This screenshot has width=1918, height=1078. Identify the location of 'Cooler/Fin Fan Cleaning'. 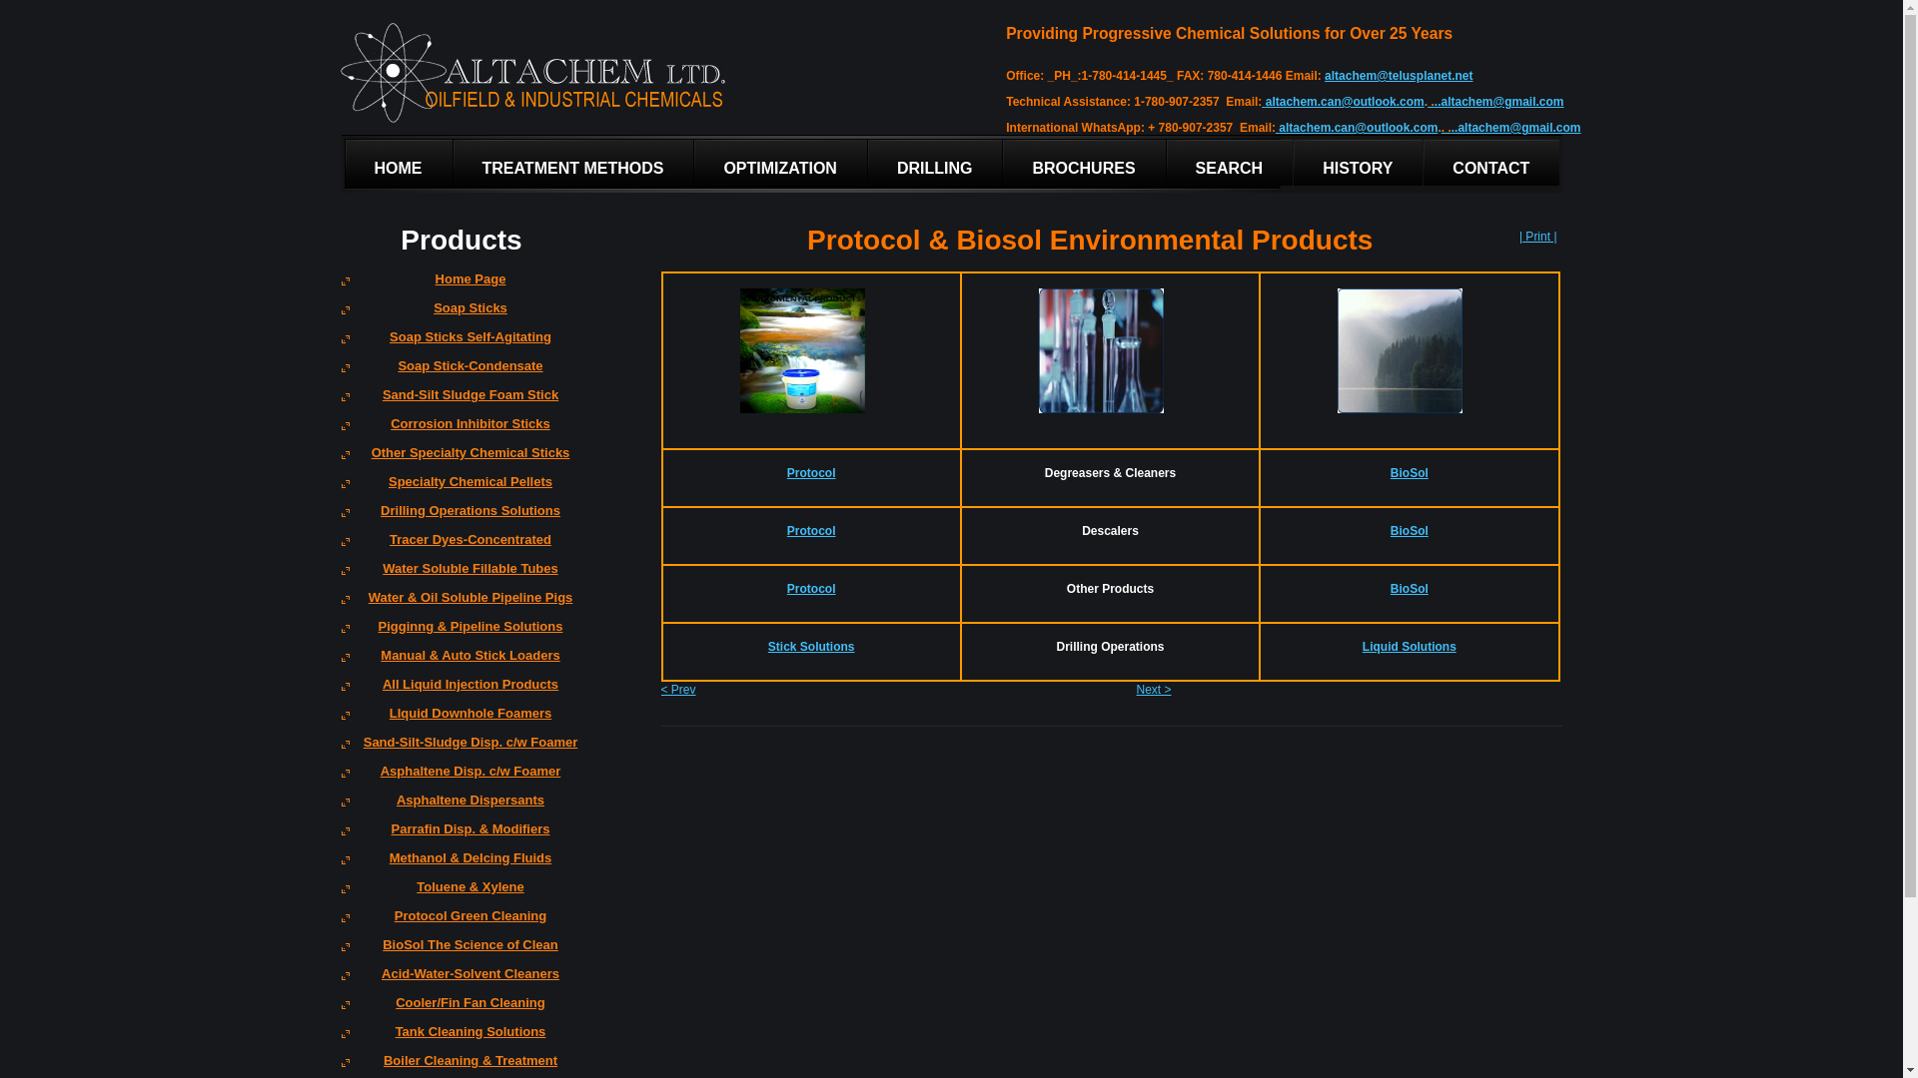
(461, 1009).